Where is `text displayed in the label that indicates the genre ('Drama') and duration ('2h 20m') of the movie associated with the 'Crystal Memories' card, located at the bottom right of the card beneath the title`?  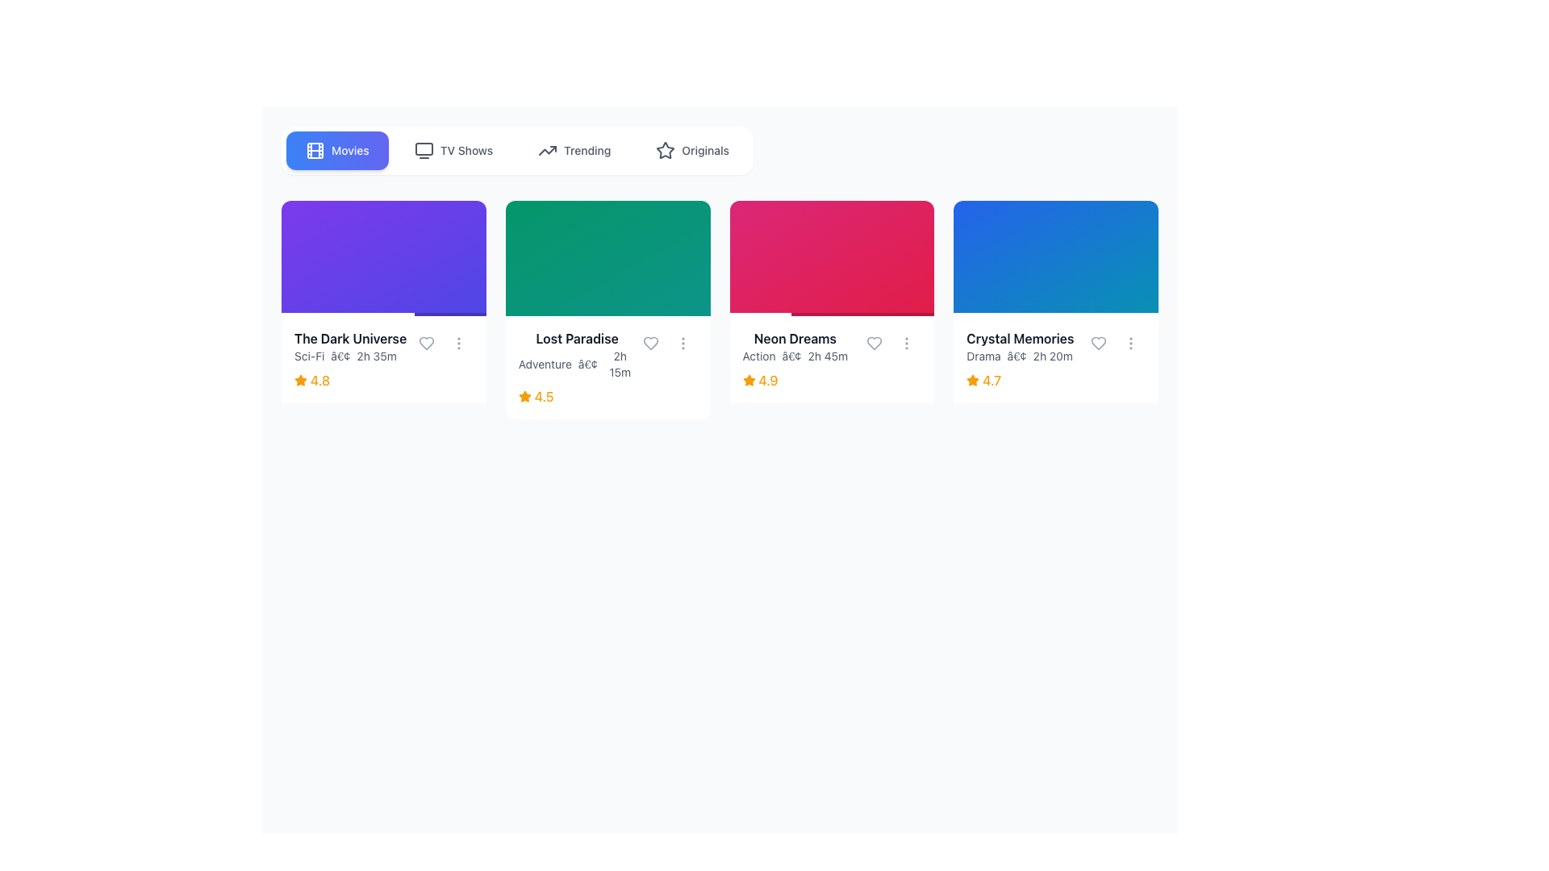
text displayed in the label that indicates the genre ('Drama') and duration ('2h 20m') of the movie associated with the 'Crystal Memories' card, located at the bottom right of the card beneath the title is located at coordinates (1019, 355).